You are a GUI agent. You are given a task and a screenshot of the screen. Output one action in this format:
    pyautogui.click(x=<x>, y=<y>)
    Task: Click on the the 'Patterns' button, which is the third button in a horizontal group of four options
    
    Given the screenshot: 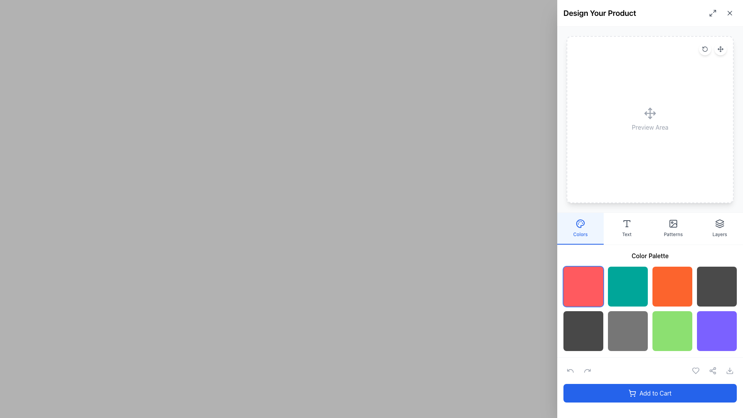 What is the action you would take?
    pyautogui.click(x=673, y=228)
    